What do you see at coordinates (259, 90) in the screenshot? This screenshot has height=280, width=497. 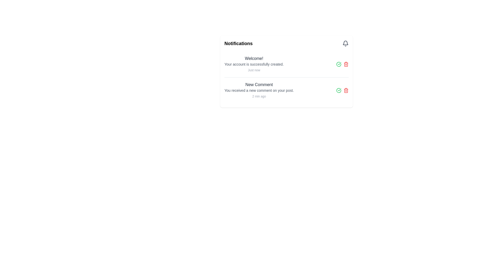 I see `the second notification item that displays a bold title 'New Comment', a description 'You received a new comment on your post.', and a timestamp '2 min ago'` at bounding box center [259, 90].